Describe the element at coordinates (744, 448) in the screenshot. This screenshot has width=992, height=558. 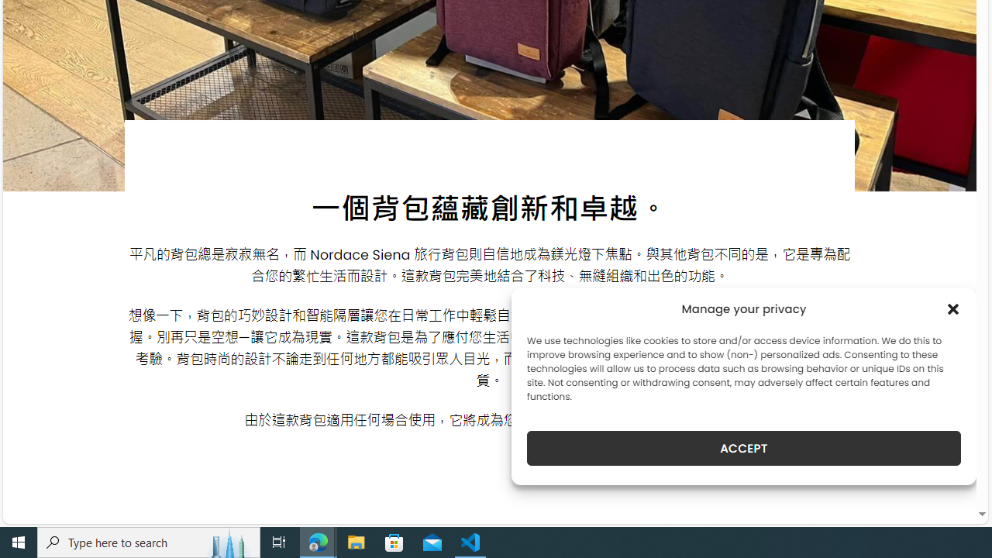
I see `'ACCEPT'` at that location.